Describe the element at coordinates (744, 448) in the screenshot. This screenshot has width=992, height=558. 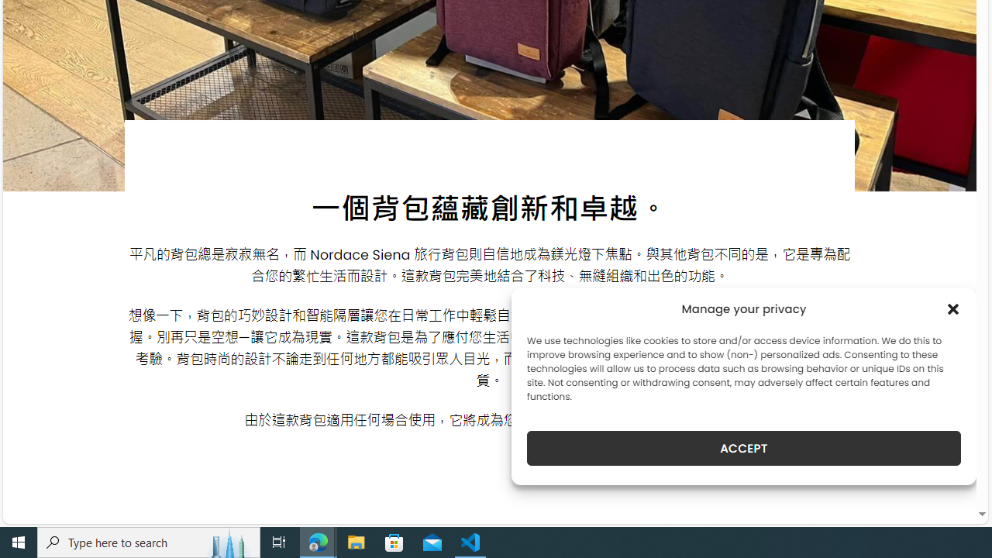
I see `'ACCEPT'` at that location.